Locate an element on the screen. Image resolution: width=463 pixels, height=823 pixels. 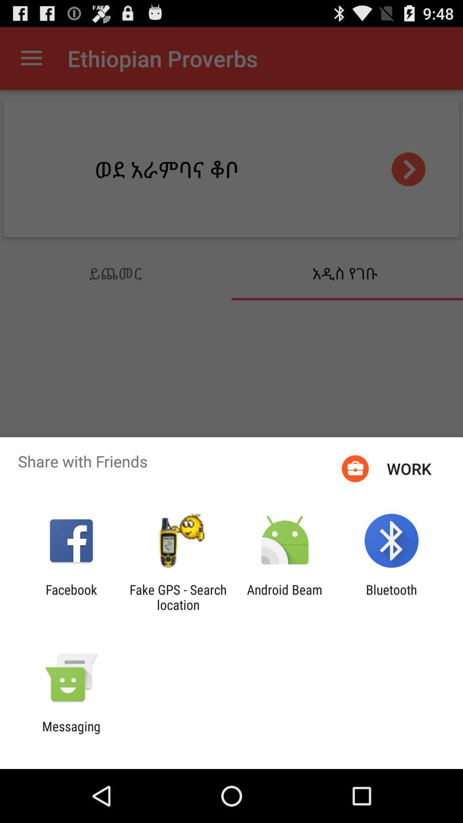
app at the bottom right corner is located at coordinates (391, 597).